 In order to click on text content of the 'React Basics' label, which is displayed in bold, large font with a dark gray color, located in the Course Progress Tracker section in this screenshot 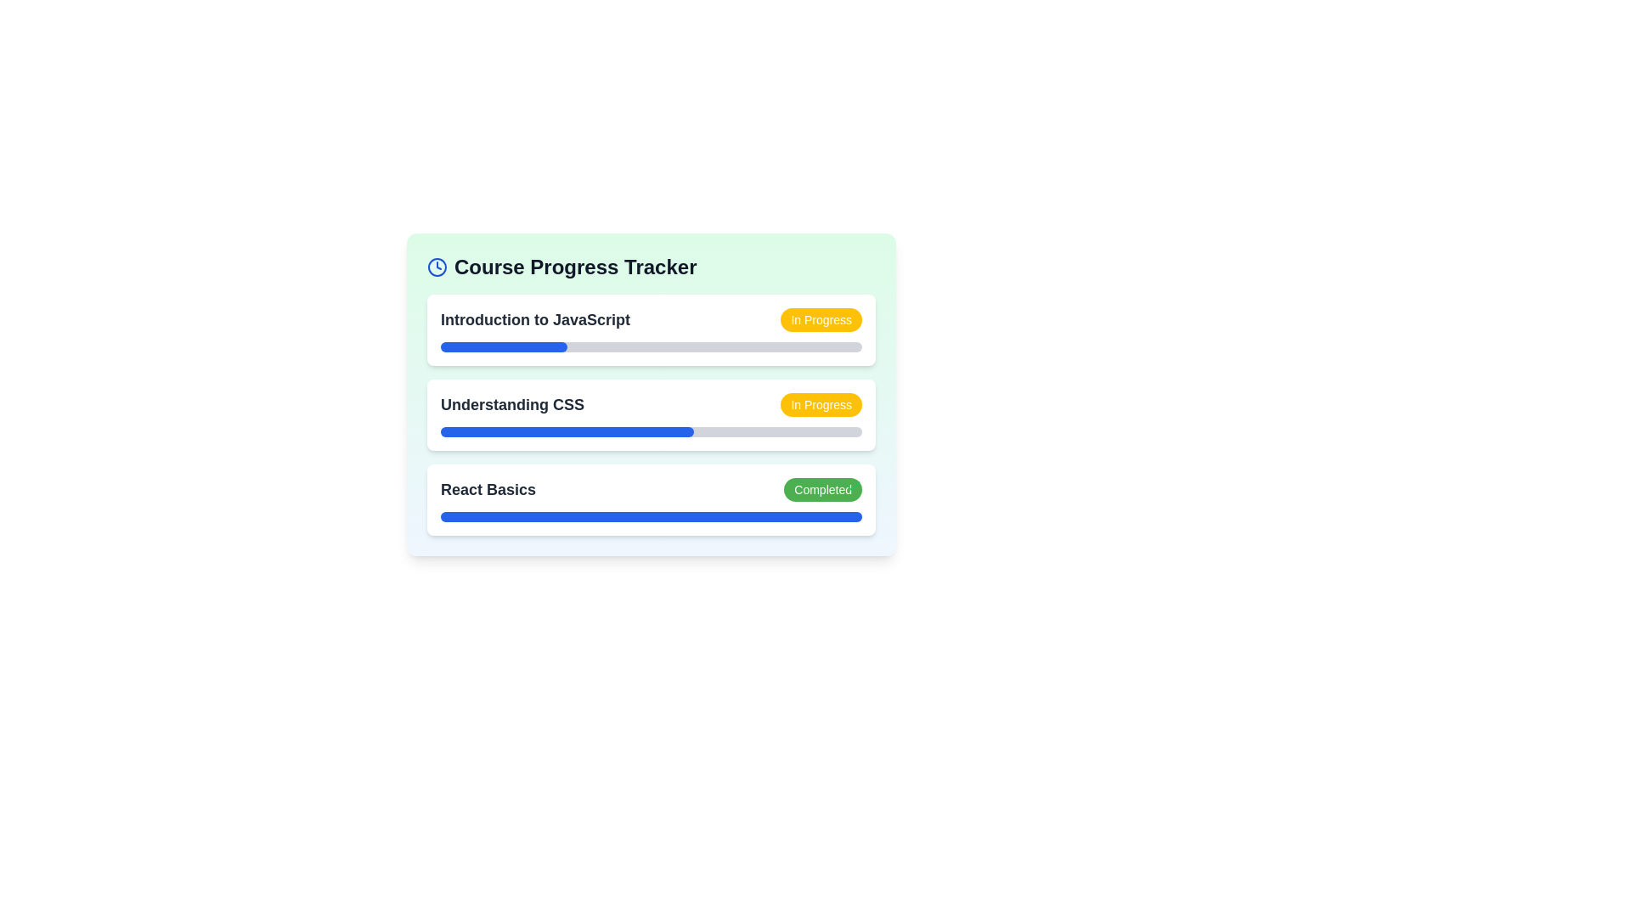, I will do `click(488, 490)`.